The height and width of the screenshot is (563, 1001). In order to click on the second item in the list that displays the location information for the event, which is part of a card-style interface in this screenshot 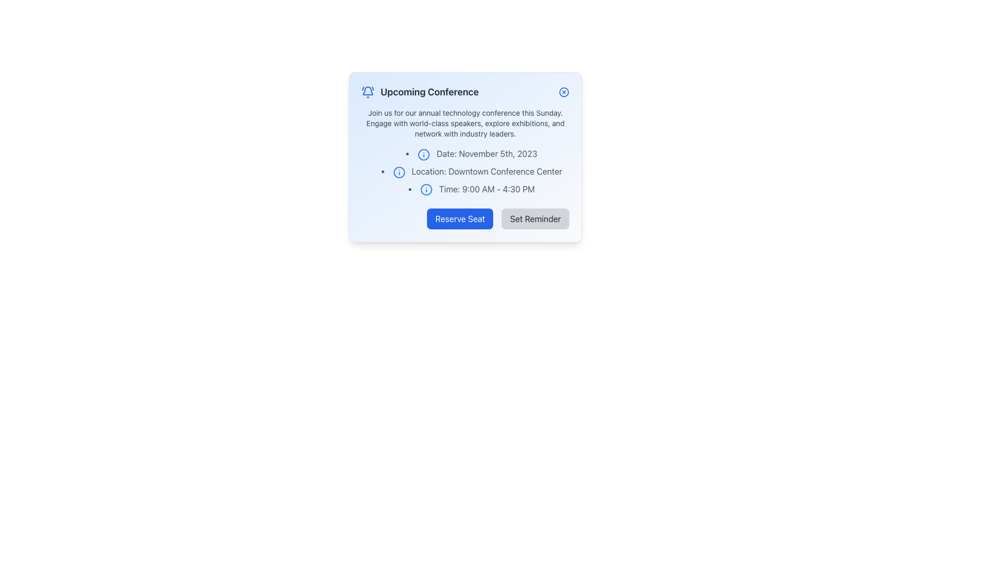, I will do `click(471, 170)`.